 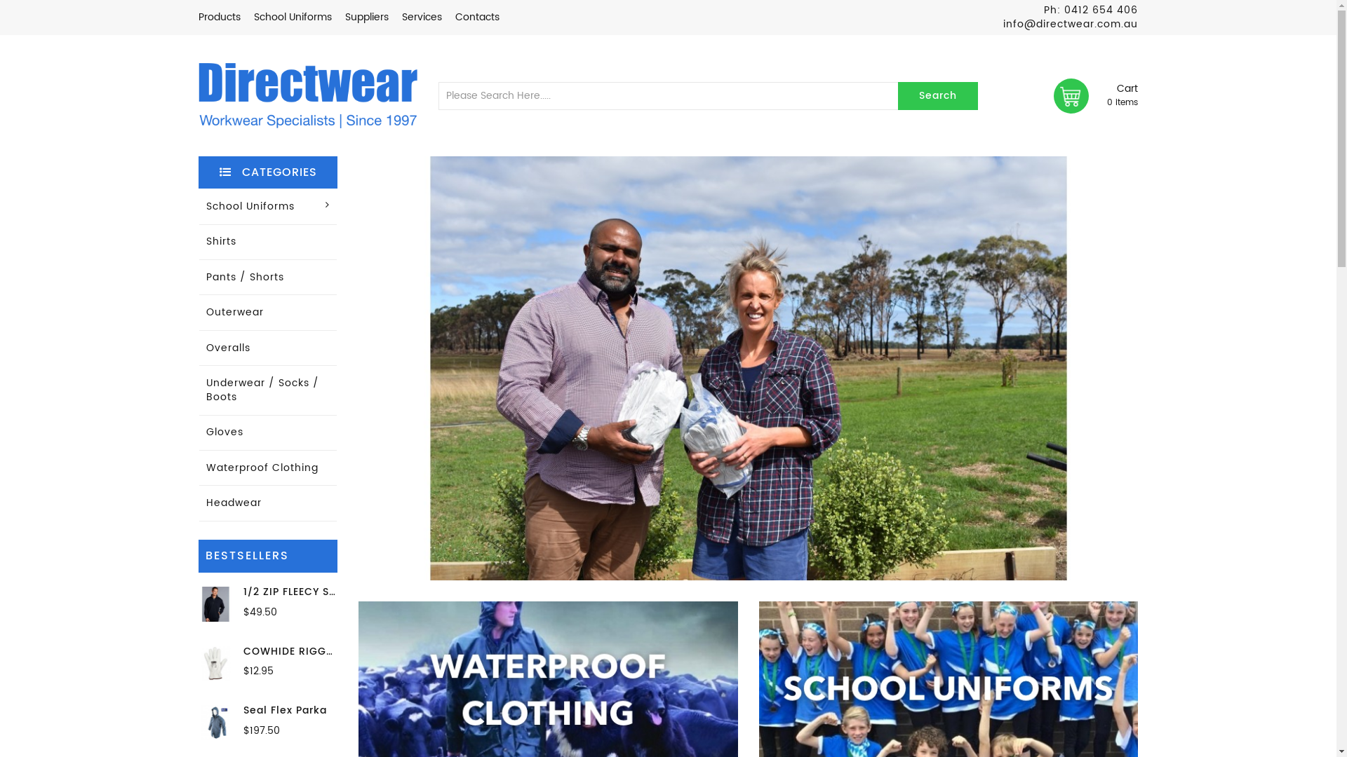 I want to click on 'Cart, so click(x=1094, y=95).